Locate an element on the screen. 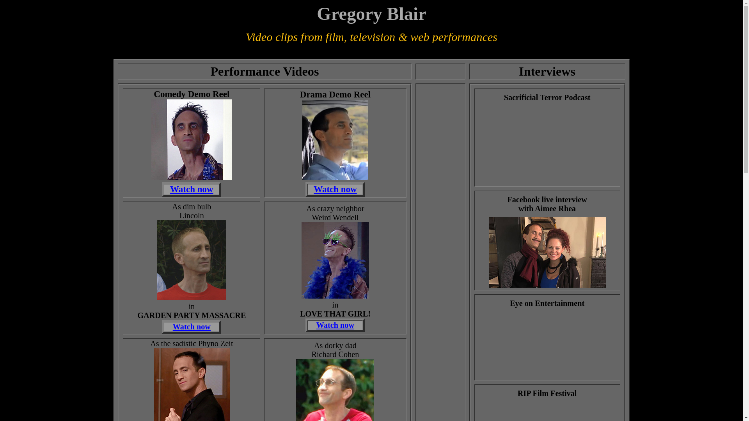  'Watch now' is located at coordinates (170, 189).